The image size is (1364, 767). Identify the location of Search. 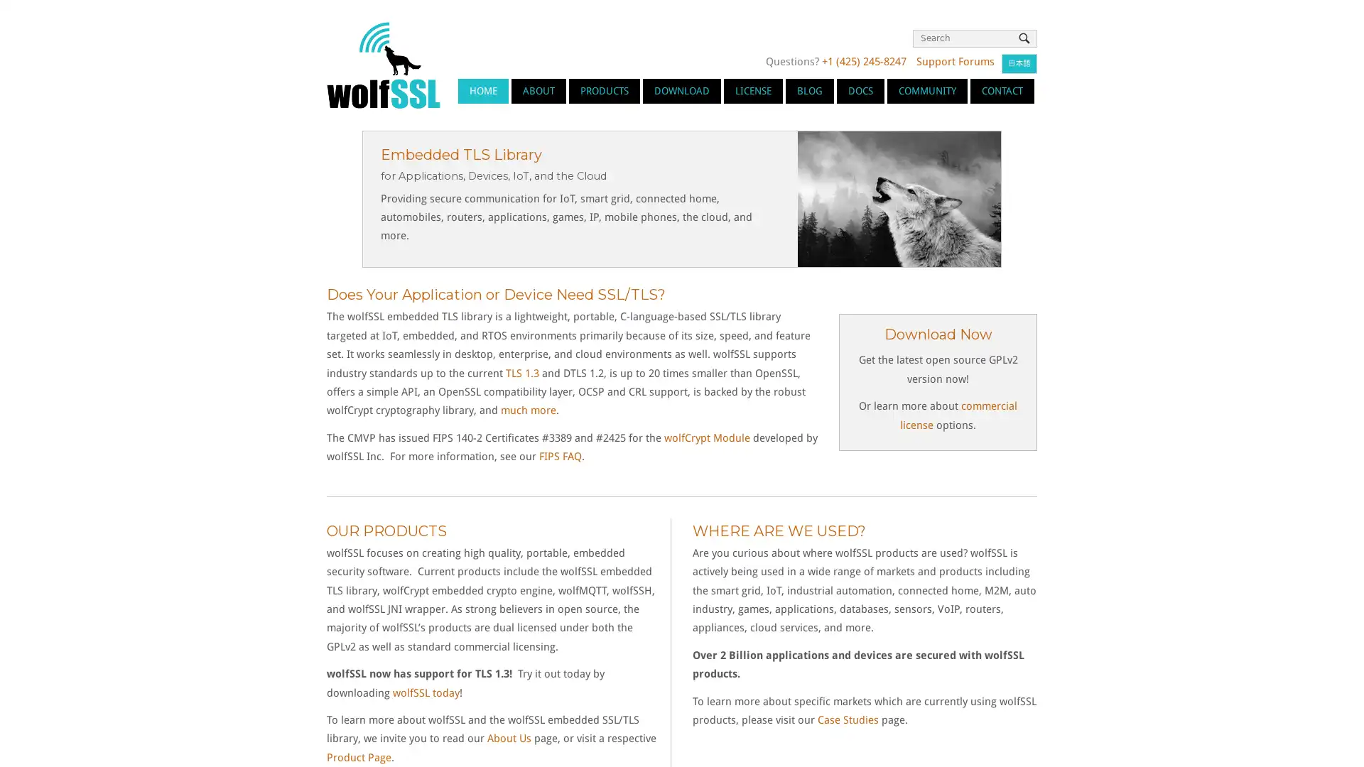
(1024, 38).